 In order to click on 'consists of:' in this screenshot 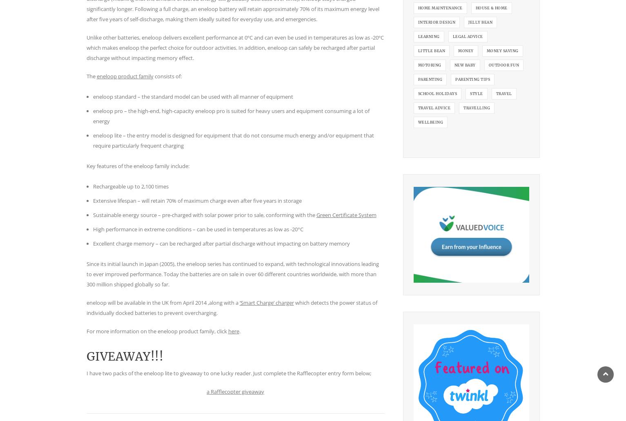, I will do `click(167, 75)`.